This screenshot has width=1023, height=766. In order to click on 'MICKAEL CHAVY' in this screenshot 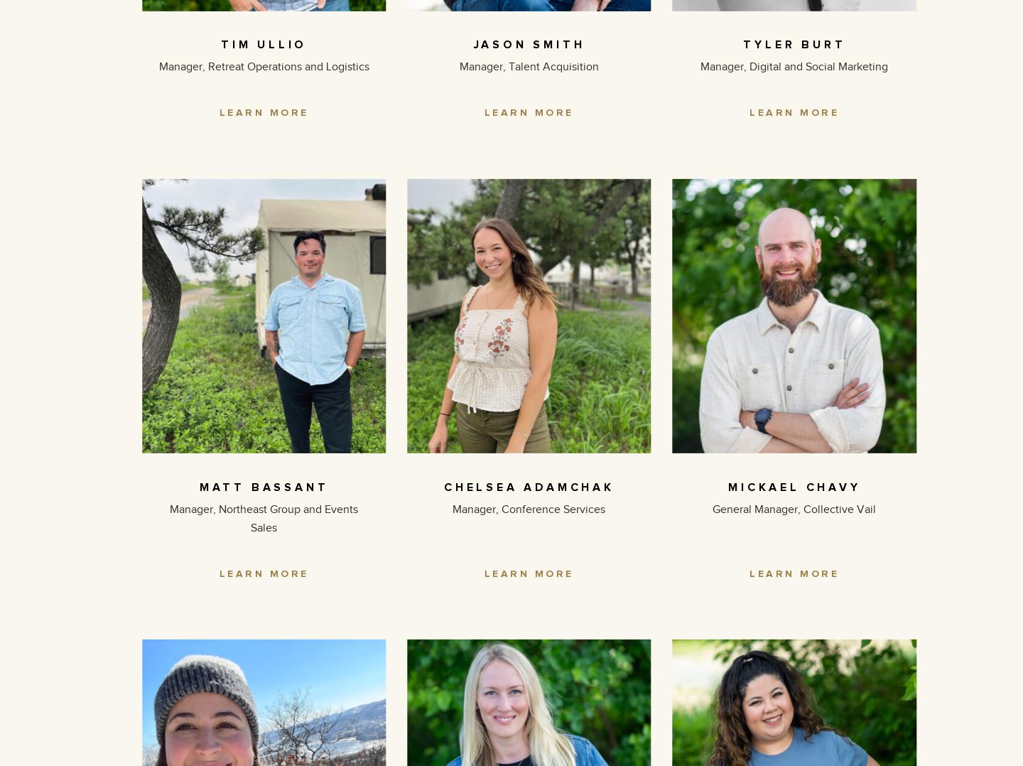, I will do `click(794, 486)`.